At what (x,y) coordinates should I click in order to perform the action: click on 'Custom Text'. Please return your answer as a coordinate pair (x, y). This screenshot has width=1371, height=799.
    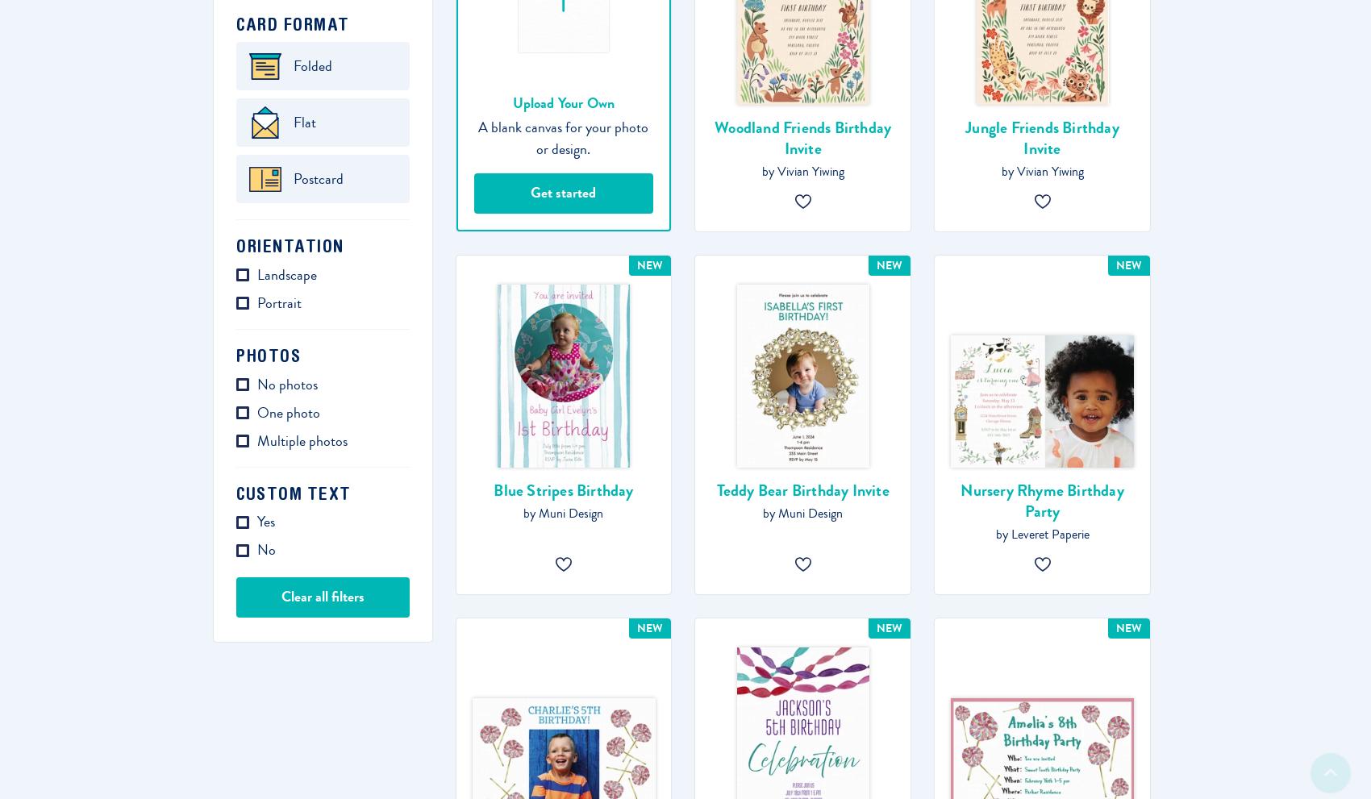
    Looking at the image, I should click on (292, 492).